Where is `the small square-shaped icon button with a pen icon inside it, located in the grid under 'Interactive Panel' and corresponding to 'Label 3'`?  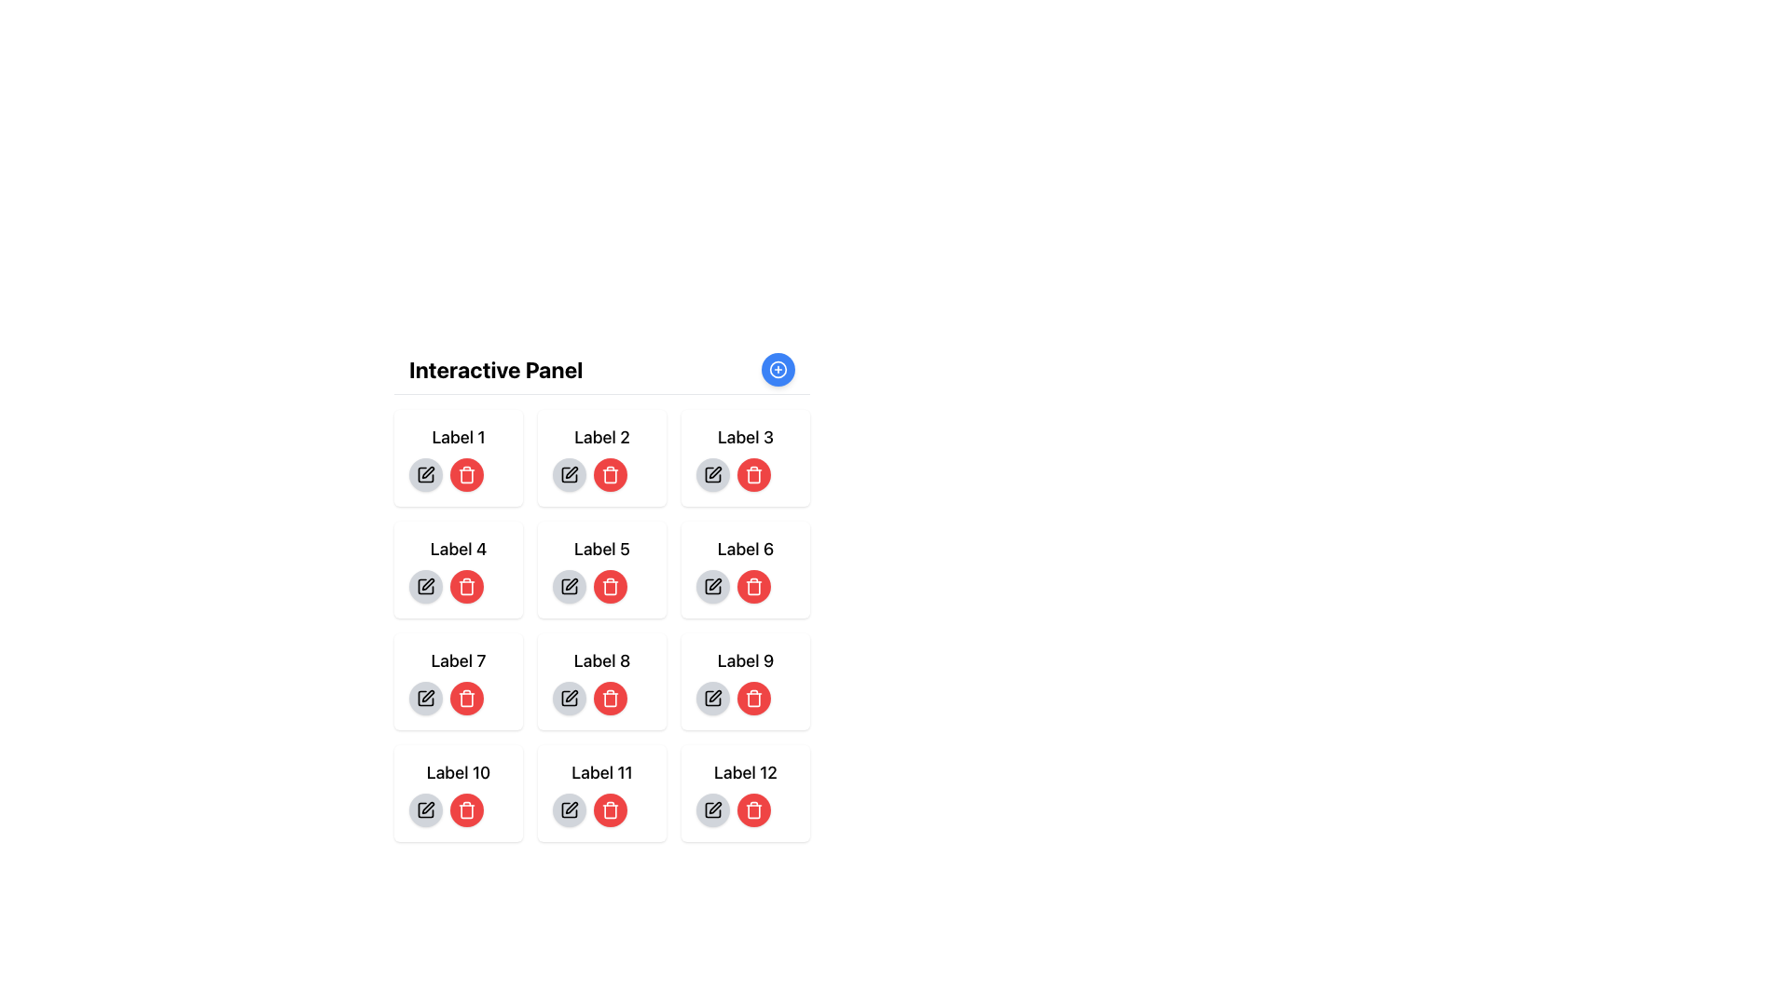 the small square-shaped icon button with a pen icon inside it, located in the grid under 'Interactive Panel' and corresponding to 'Label 3' is located at coordinates (711, 473).